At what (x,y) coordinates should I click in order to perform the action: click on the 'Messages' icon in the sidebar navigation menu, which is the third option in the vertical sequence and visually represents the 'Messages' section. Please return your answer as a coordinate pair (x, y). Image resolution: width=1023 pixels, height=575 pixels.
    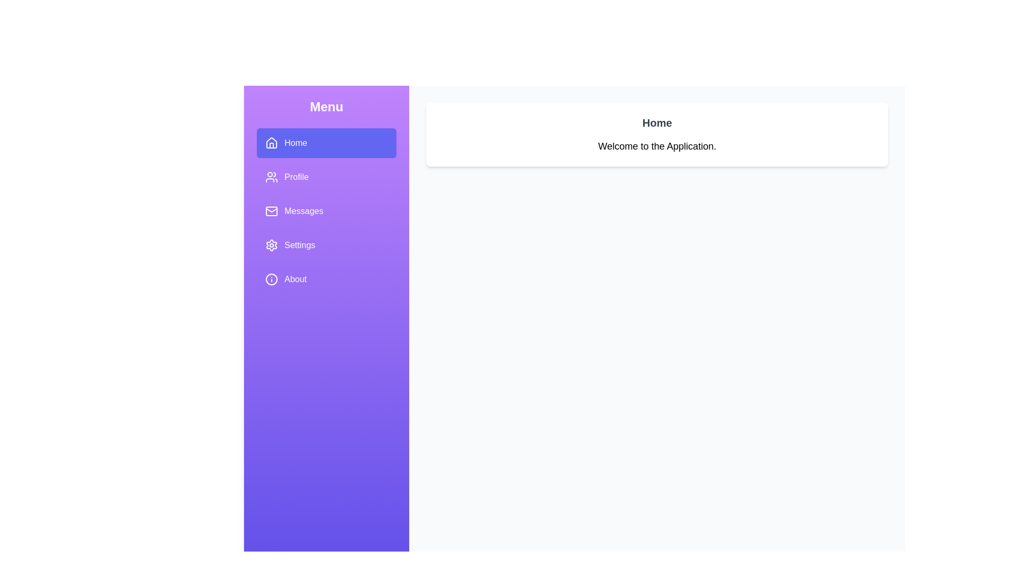
    Looking at the image, I should click on (271, 211).